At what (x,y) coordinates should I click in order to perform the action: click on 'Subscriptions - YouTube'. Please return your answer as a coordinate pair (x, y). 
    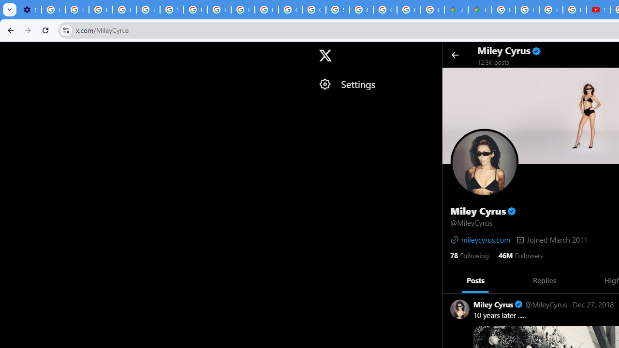
    Looking at the image, I should click on (598, 10).